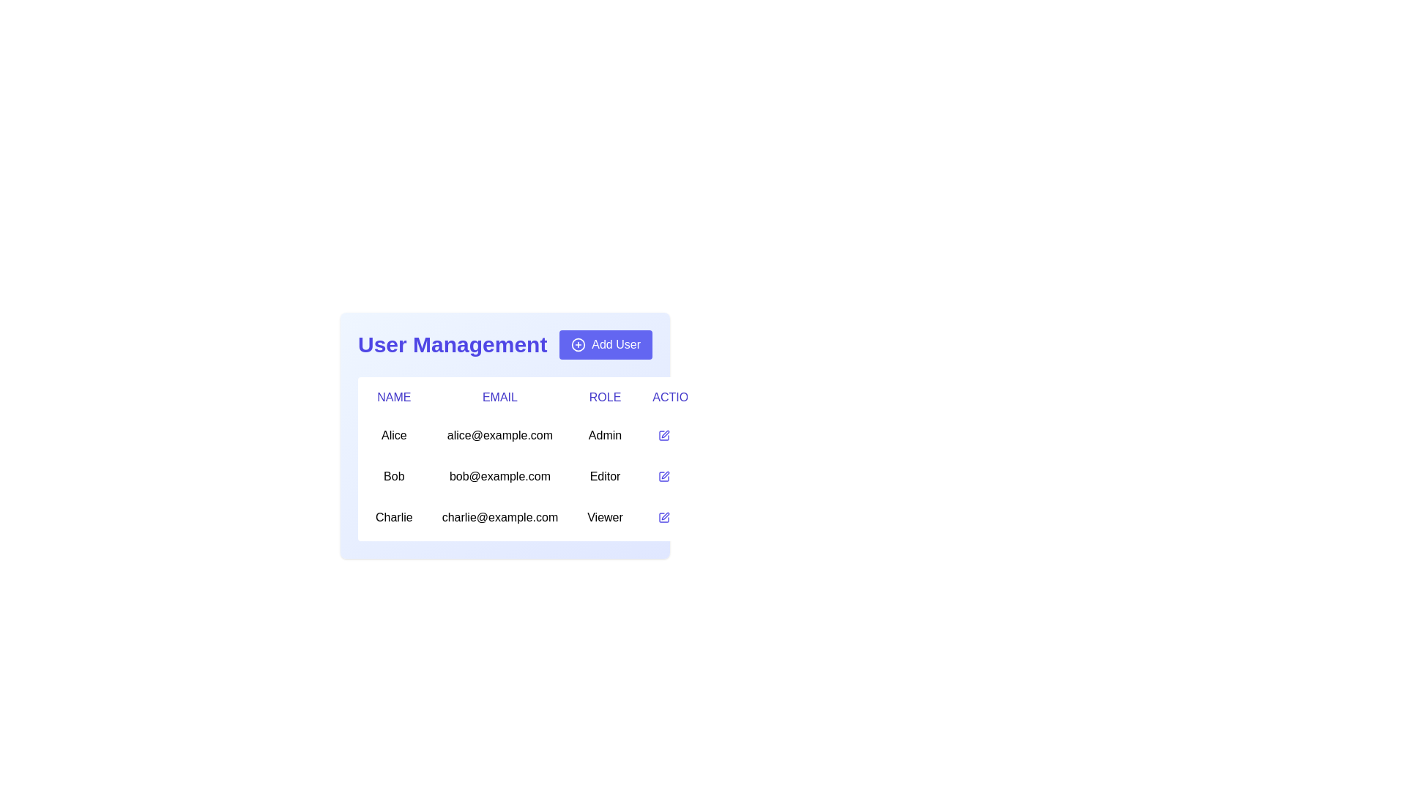 The width and height of the screenshot is (1406, 791). Describe the element at coordinates (578, 344) in the screenshot. I see `the circular blue icon with a plus sign, which is part of the 'Add User' button located in the top-right corner of the 'User Management' widget` at that location.